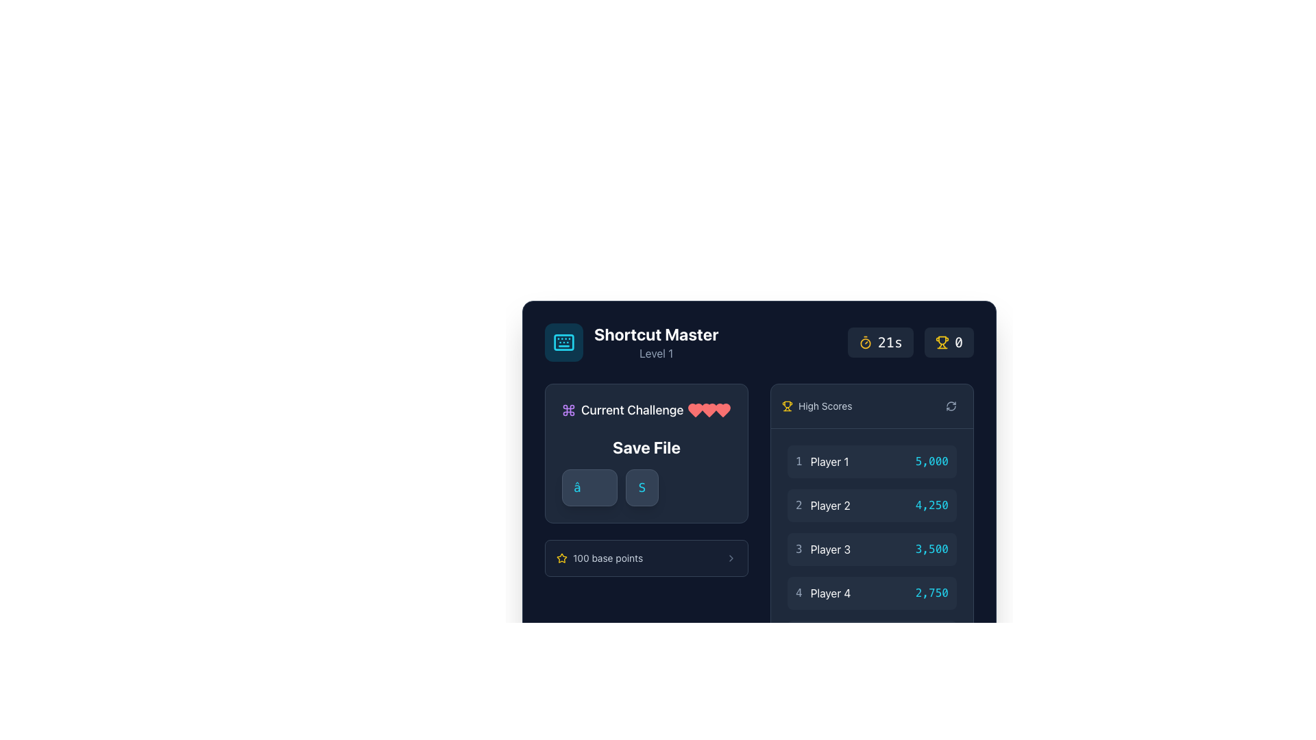  Describe the element at coordinates (799, 462) in the screenshot. I see `numeric text '1' styled in a mono font, located to the left of 'Player 1' in the 'High Scores' section` at that location.